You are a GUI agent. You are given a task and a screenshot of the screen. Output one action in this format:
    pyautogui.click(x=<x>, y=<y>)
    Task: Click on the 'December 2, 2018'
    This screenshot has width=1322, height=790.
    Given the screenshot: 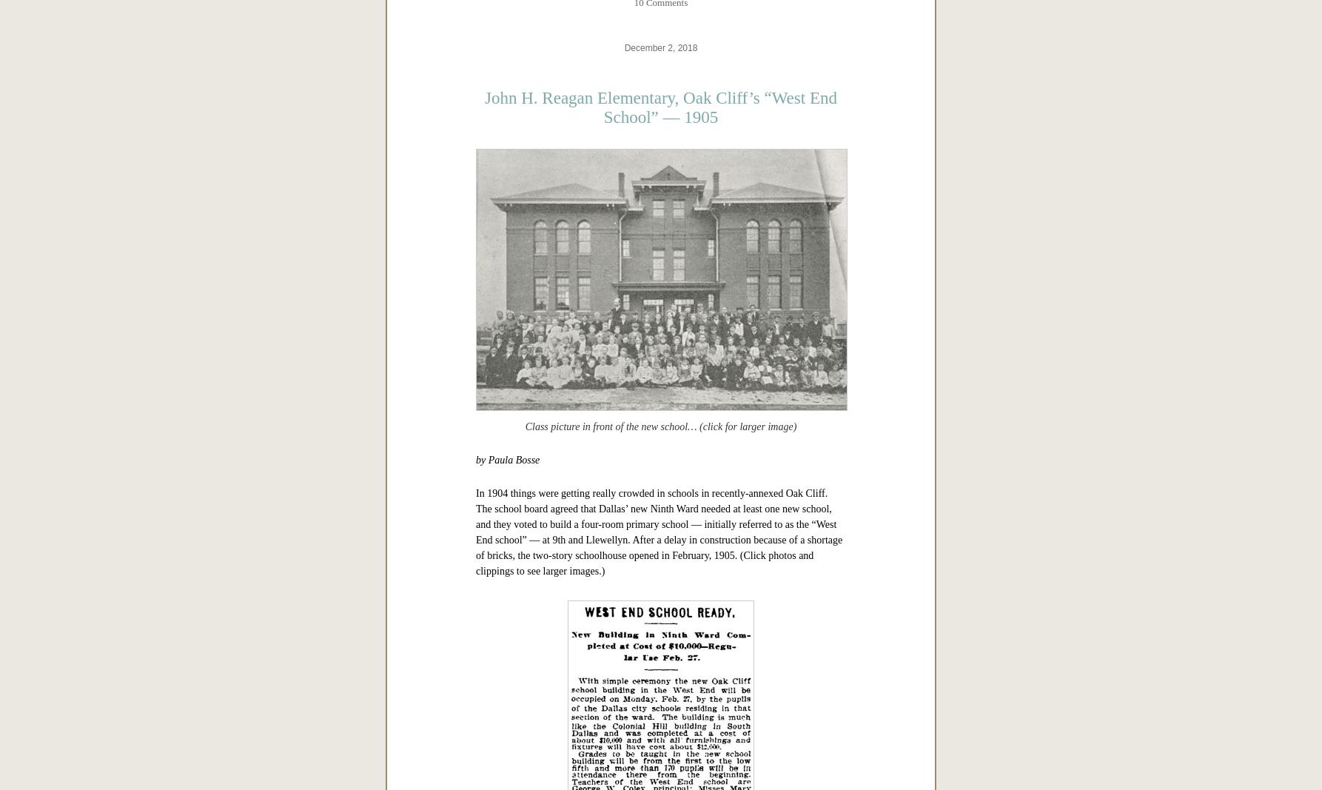 What is the action you would take?
    pyautogui.click(x=660, y=513)
    